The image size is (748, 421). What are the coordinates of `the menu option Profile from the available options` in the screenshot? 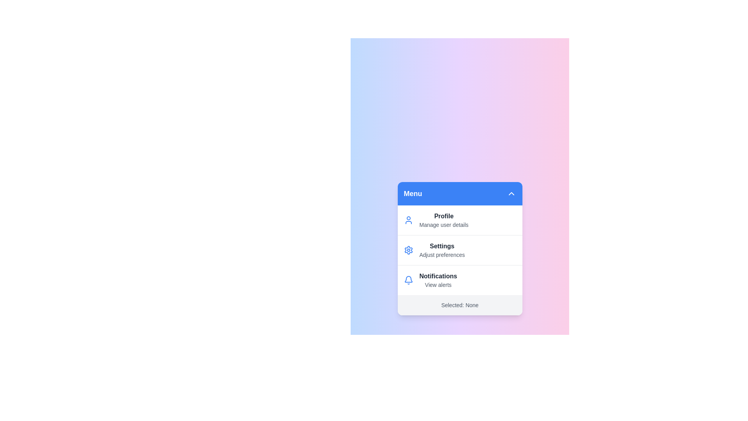 It's located at (460, 220).